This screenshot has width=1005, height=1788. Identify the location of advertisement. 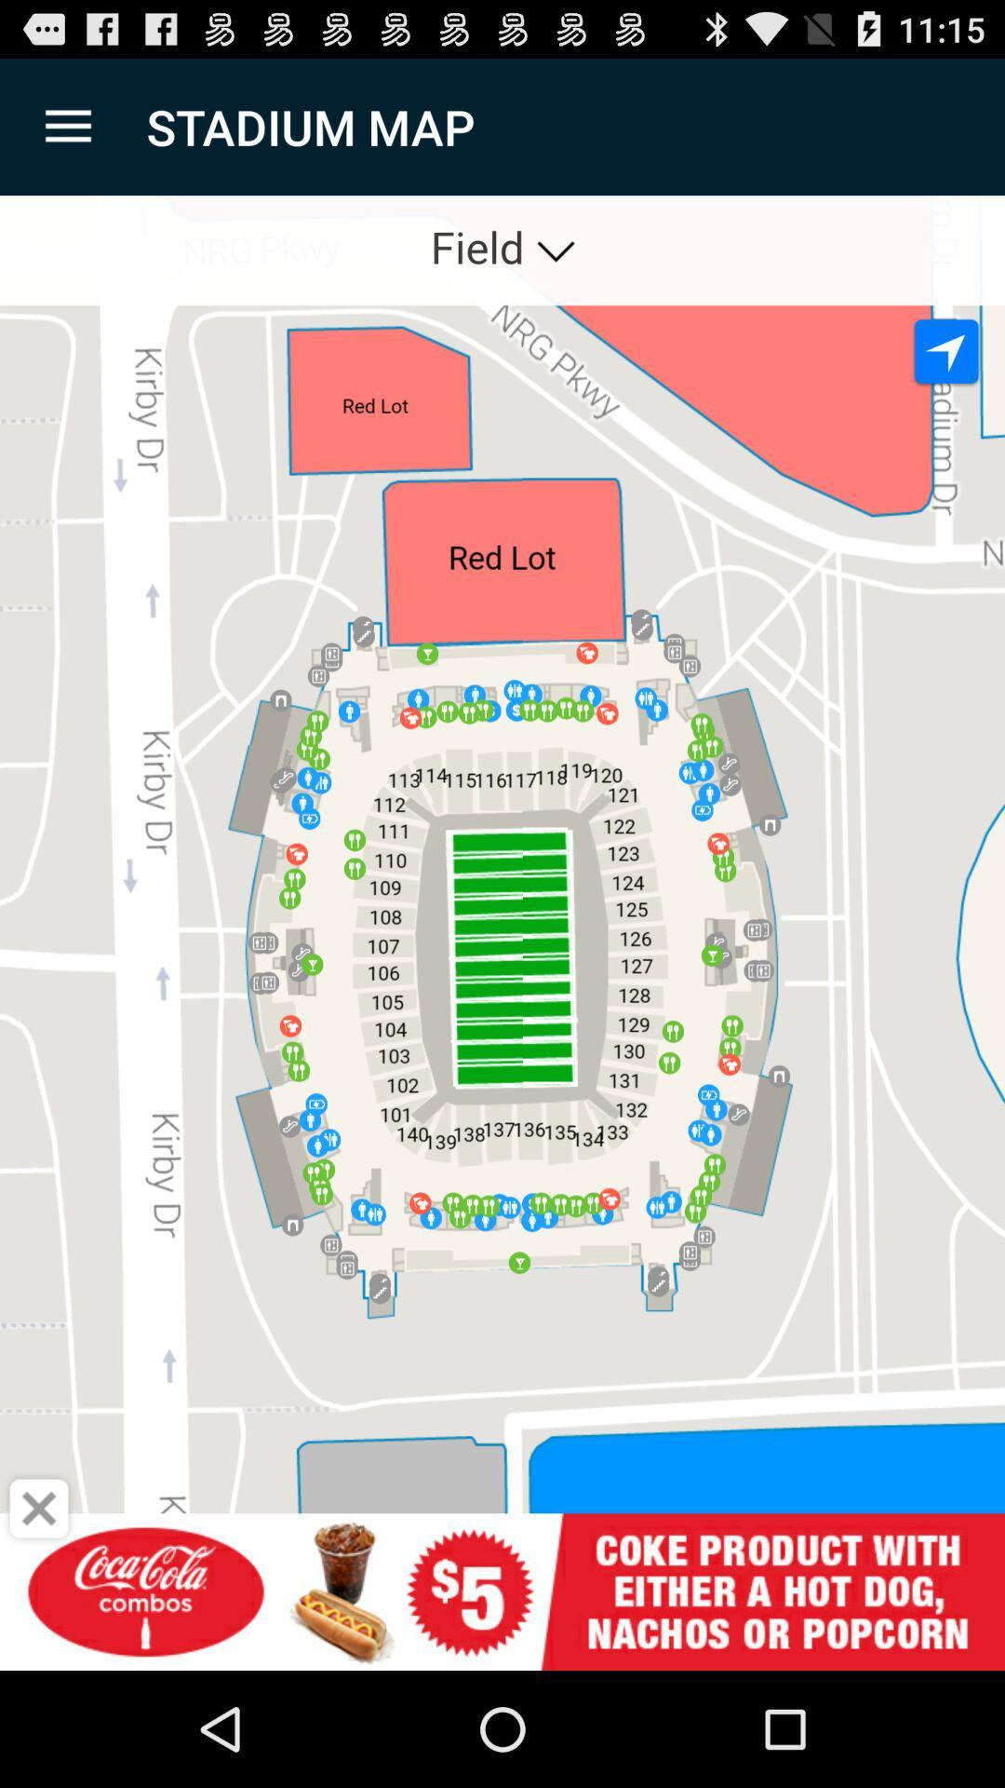
(39, 1509).